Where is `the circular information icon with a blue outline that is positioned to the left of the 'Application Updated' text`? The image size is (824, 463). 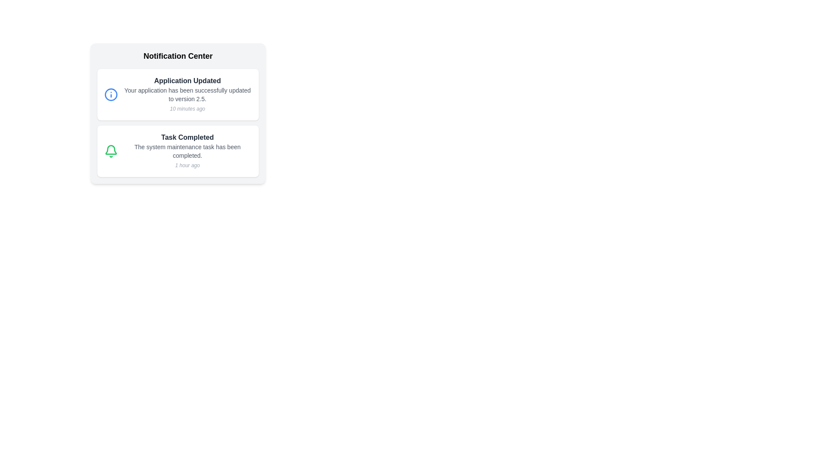 the circular information icon with a blue outline that is positioned to the left of the 'Application Updated' text is located at coordinates (111, 94).